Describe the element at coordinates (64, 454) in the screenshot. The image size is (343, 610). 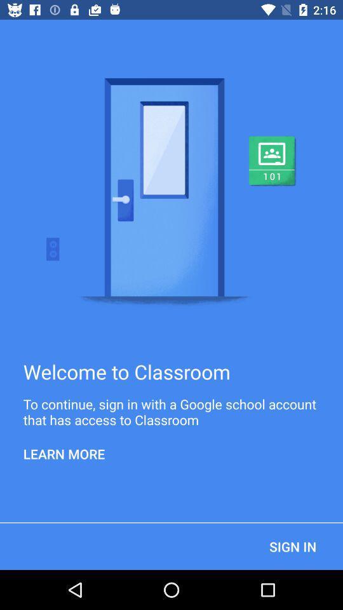
I see `learn more item` at that location.